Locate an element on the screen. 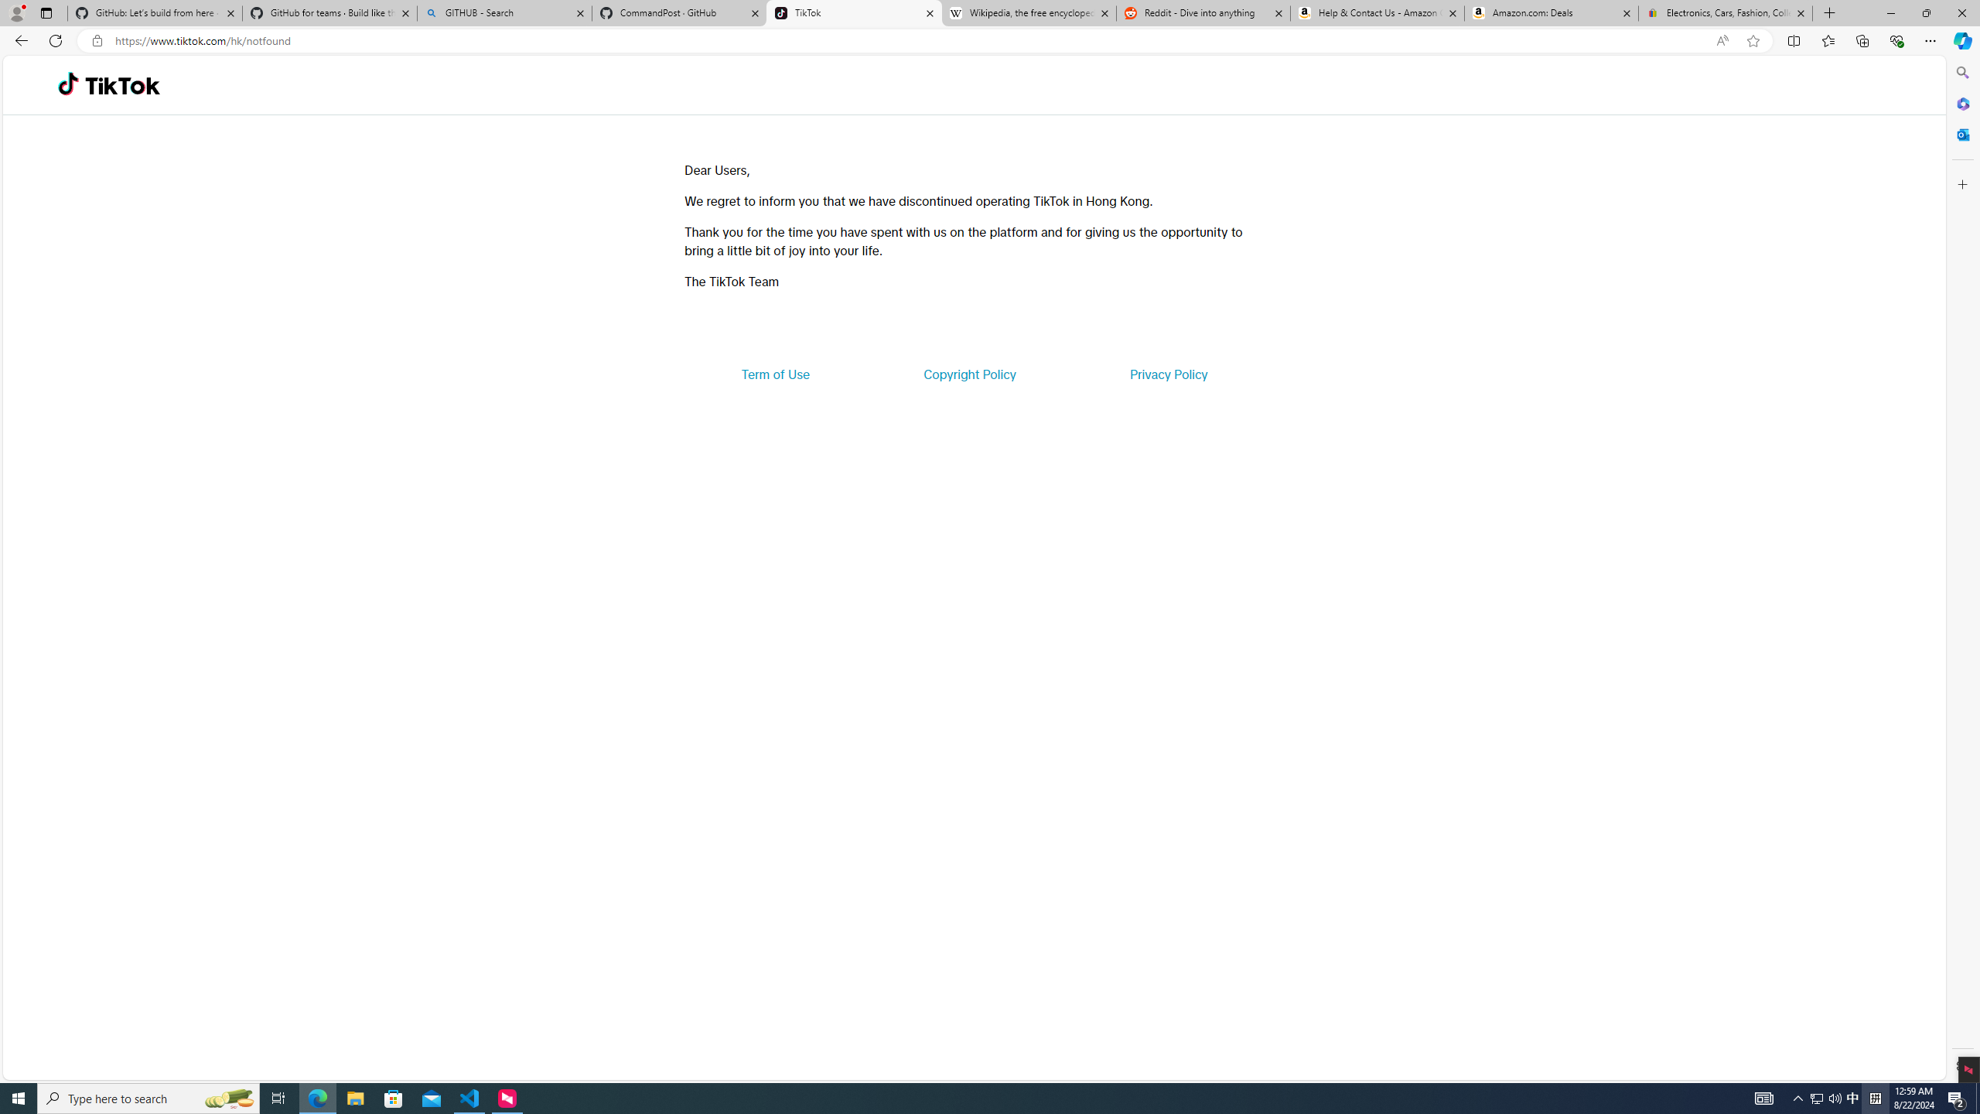 The width and height of the screenshot is (1980, 1114). 'GITHUB - Search' is located at coordinates (504, 12).